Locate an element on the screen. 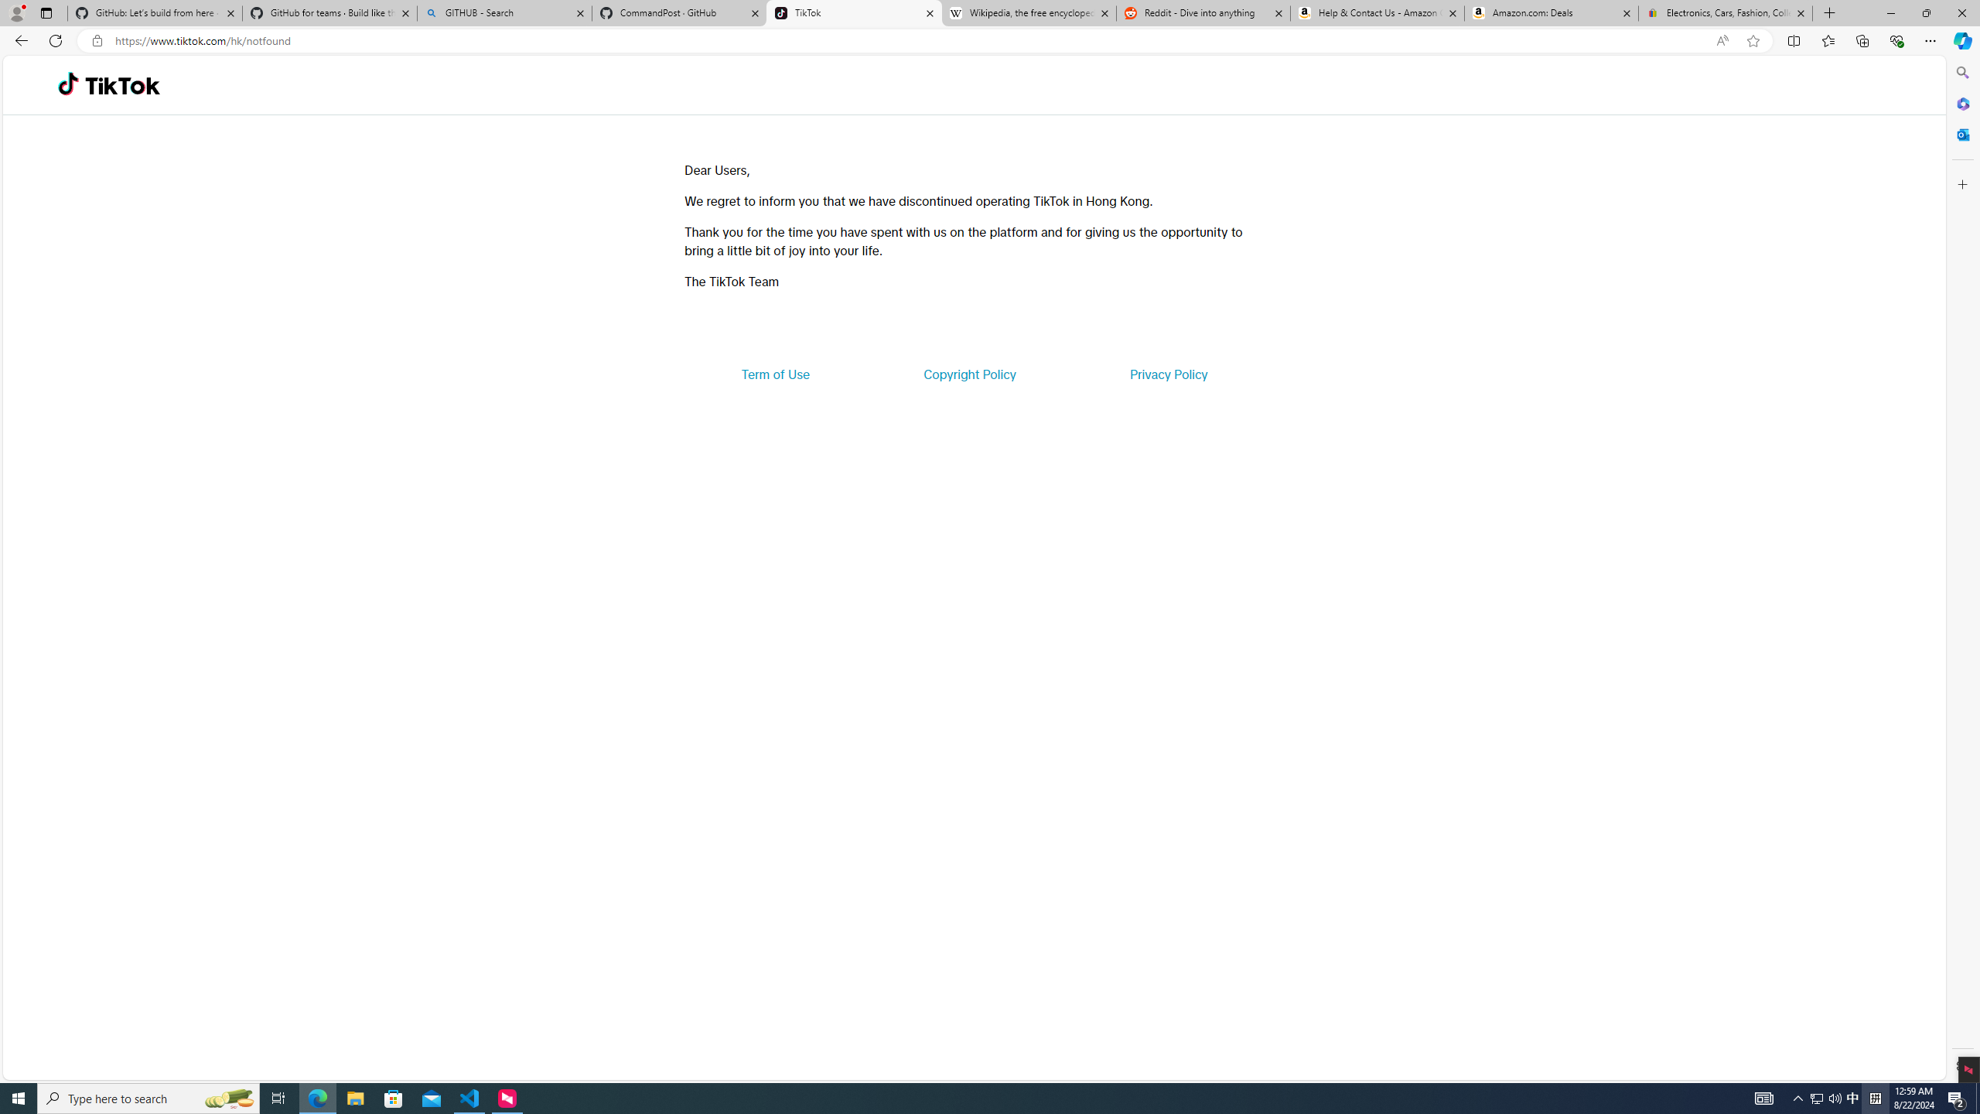 The width and height of the screenshot is (1980, 1114). 'GITHUB - Search' is located at coordinates (504, 12).